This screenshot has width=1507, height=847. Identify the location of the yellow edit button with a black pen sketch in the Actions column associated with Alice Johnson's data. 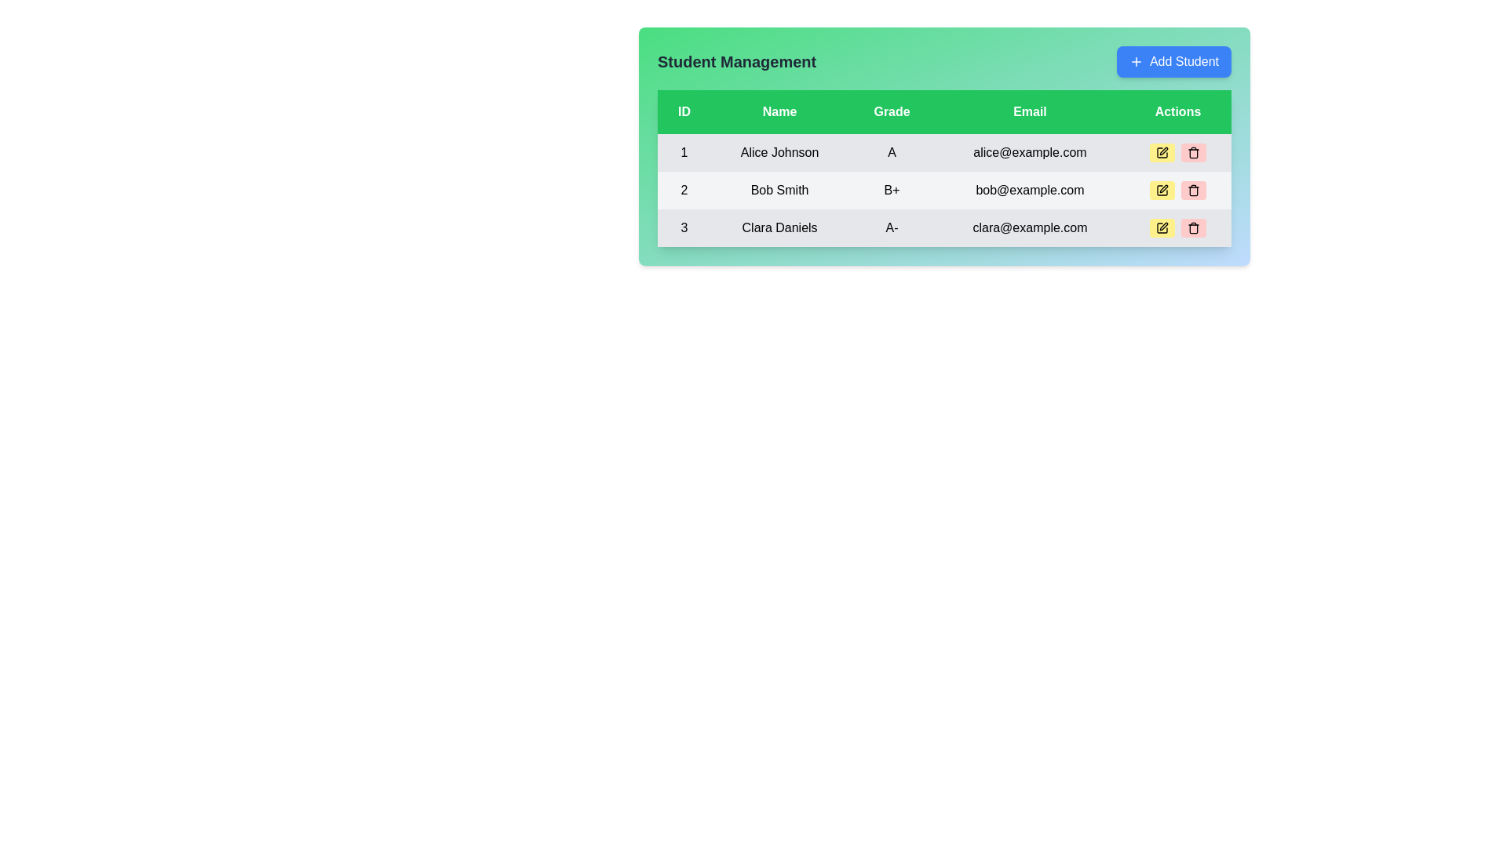
(1162, 153).